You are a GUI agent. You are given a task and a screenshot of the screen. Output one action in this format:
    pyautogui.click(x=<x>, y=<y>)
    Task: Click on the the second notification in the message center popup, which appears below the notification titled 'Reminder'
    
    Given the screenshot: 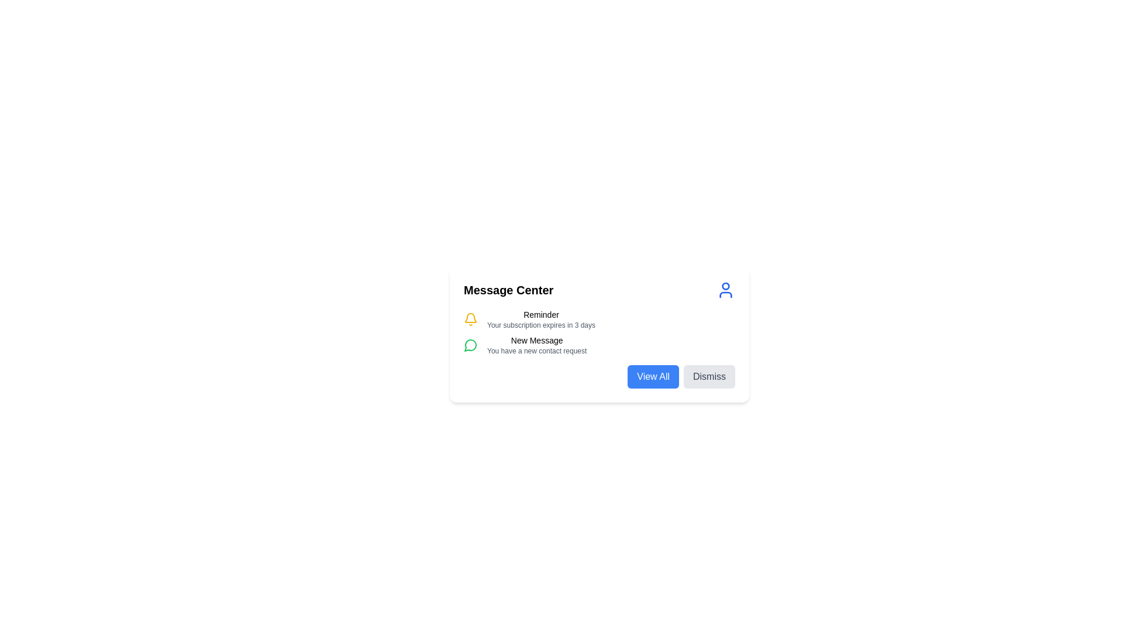 What is the action you would take?
    pyautogui.click(x=600, y=345)
    